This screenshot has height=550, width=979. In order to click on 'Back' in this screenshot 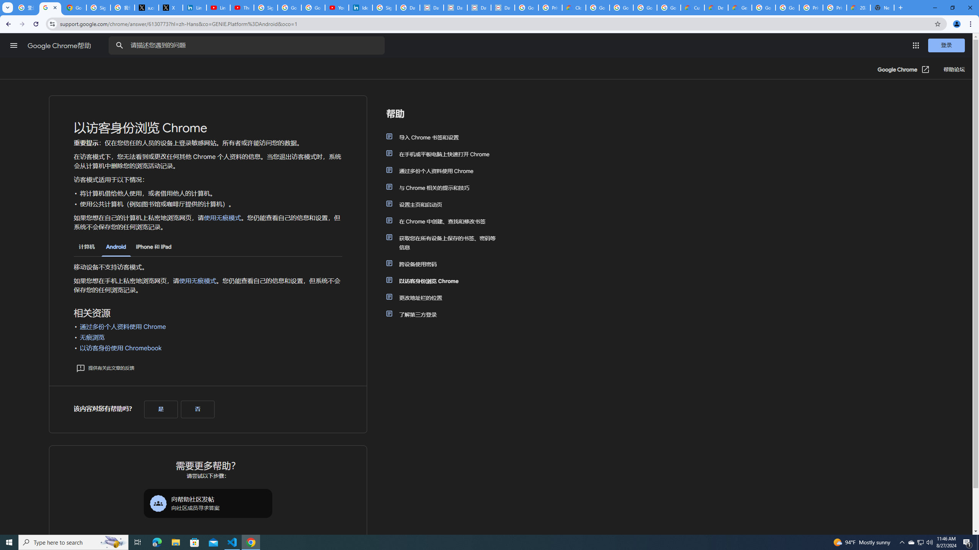, I will do `click(7, 24)`.